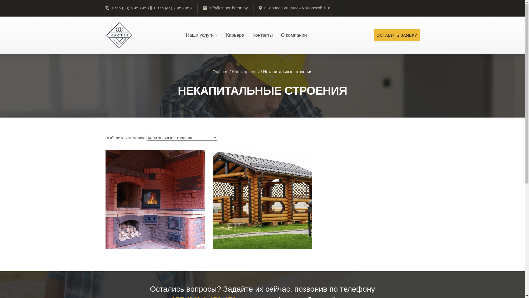 This screenshot has width=529, height=298. What do you see at coordinates (119, 35) in the screenshot?
I see `'zabor-beton'` at bounding box center [119, 35].